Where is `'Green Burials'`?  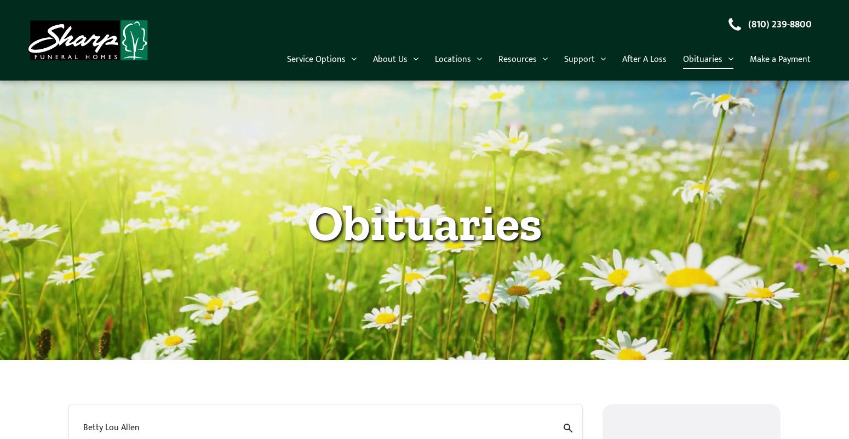 'Green Burials' is located at coordinates (405, 225).